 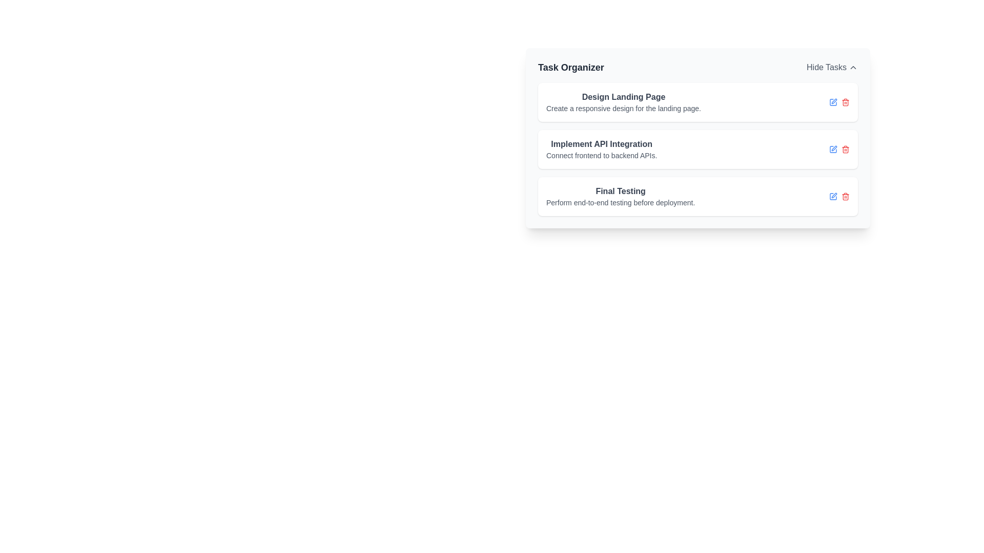 What do you see at coordinates (833, 197) in the screenshot?
I see `the blue square-shaped pen icon representing the edit button located on the action bar of the 'Final Testing' task item in the 'Task Organizer' interface` at bounding box center [833, 197].